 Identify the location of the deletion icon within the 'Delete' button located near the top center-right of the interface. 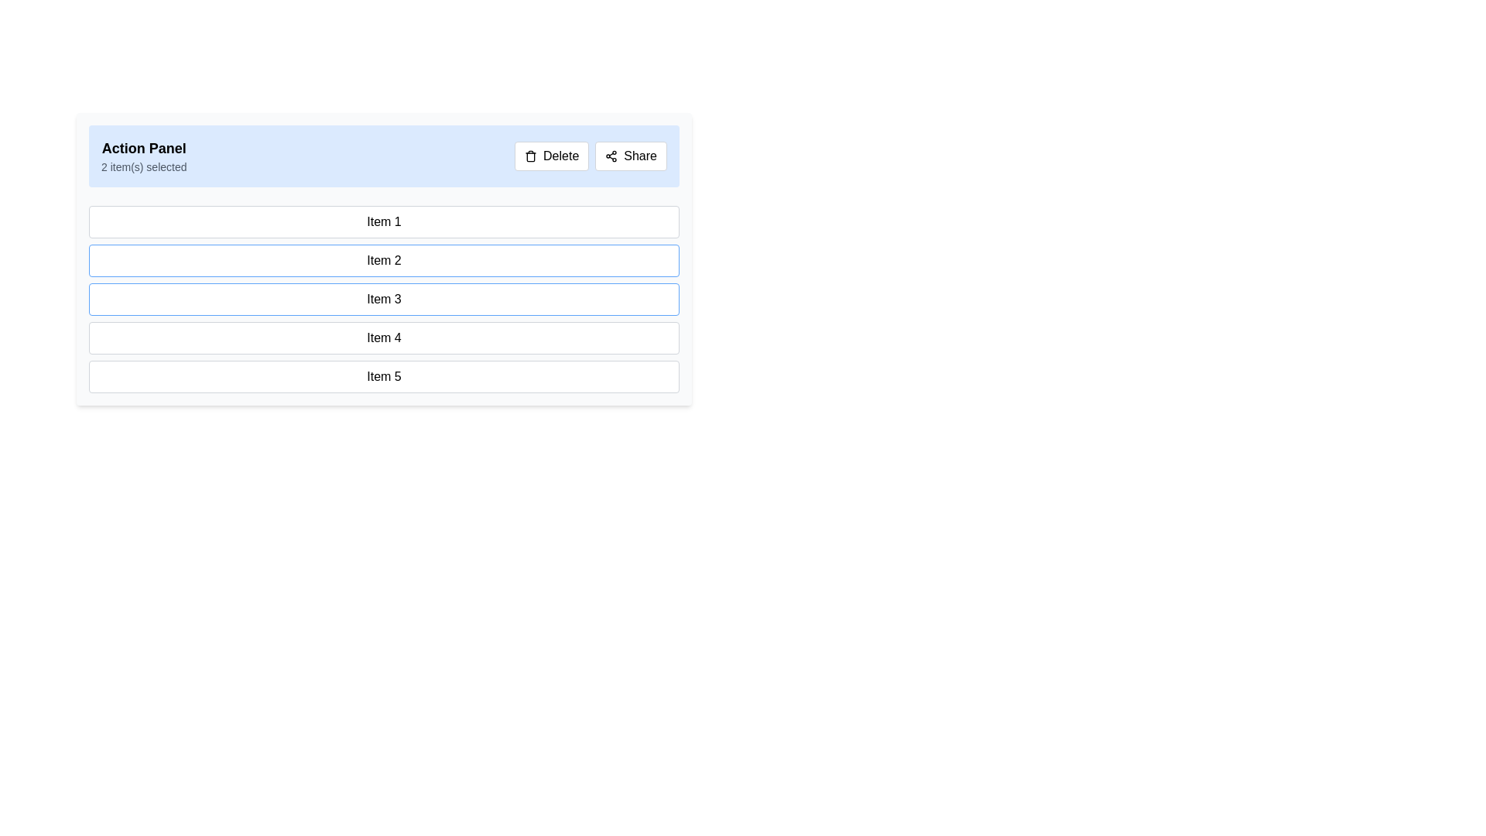
(531, 156).